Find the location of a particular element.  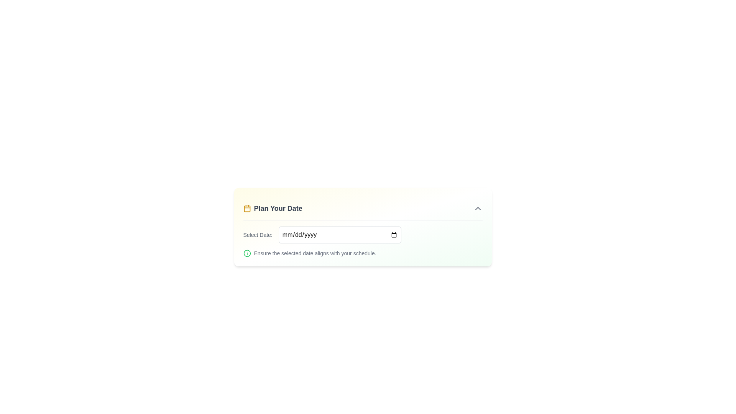

the informational tooltip text with an icon located in the 'Plan Your Date' section, which provides guidance for selecting a date is located at coordinates (362, 253).